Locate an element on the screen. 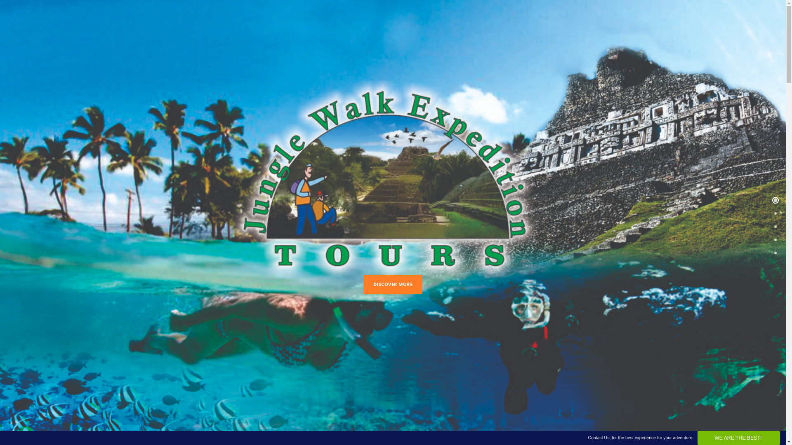 The height and width of the screenshot is (445, 792). 'DISCOVER MORE' is located at coordinates (393, 284).